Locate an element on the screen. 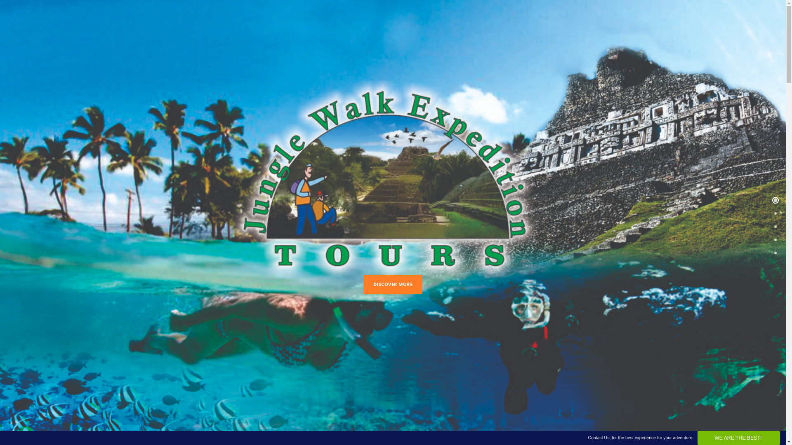 The height and width of the screenshot is (445, 792). 'DISCOVER MORE' is located at coordinates (393, 284).